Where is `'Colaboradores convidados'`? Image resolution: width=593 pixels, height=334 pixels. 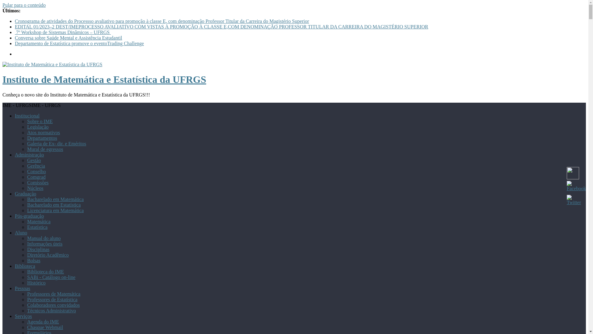
'Colaboradores convidados' is located at coordinates (53, 305).